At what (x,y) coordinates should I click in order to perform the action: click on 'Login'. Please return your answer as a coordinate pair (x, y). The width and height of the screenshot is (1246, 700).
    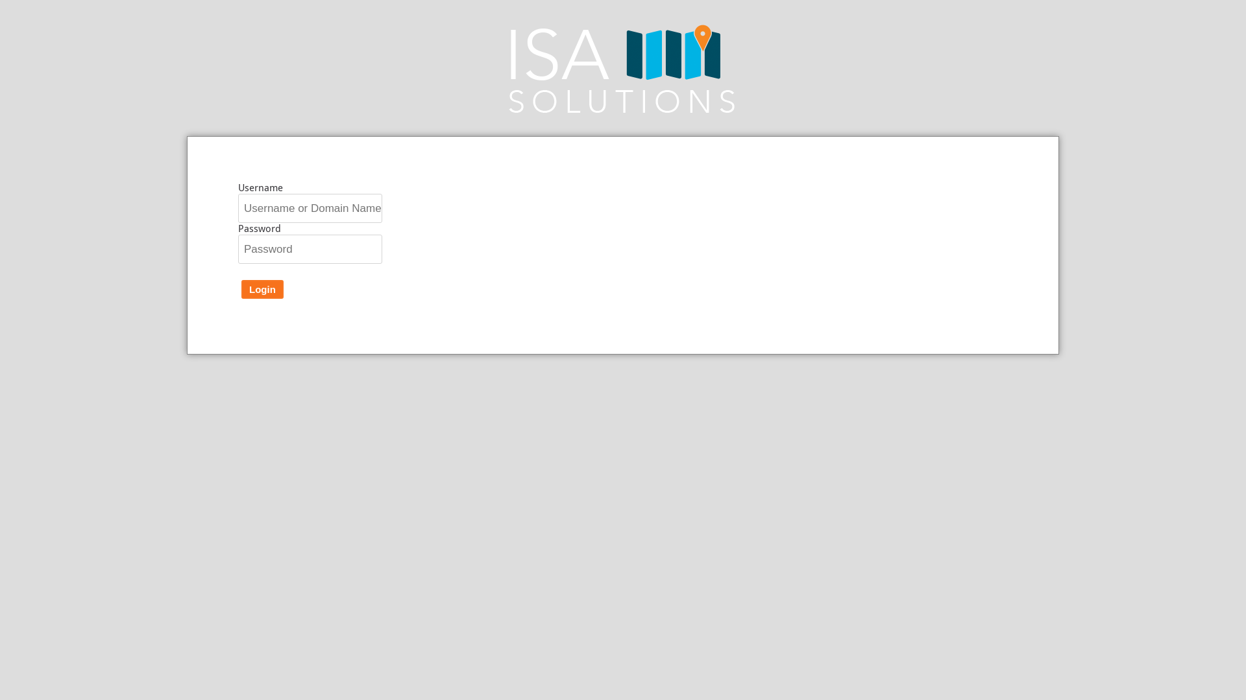
    Looking at the image, I should click on (262, 288).